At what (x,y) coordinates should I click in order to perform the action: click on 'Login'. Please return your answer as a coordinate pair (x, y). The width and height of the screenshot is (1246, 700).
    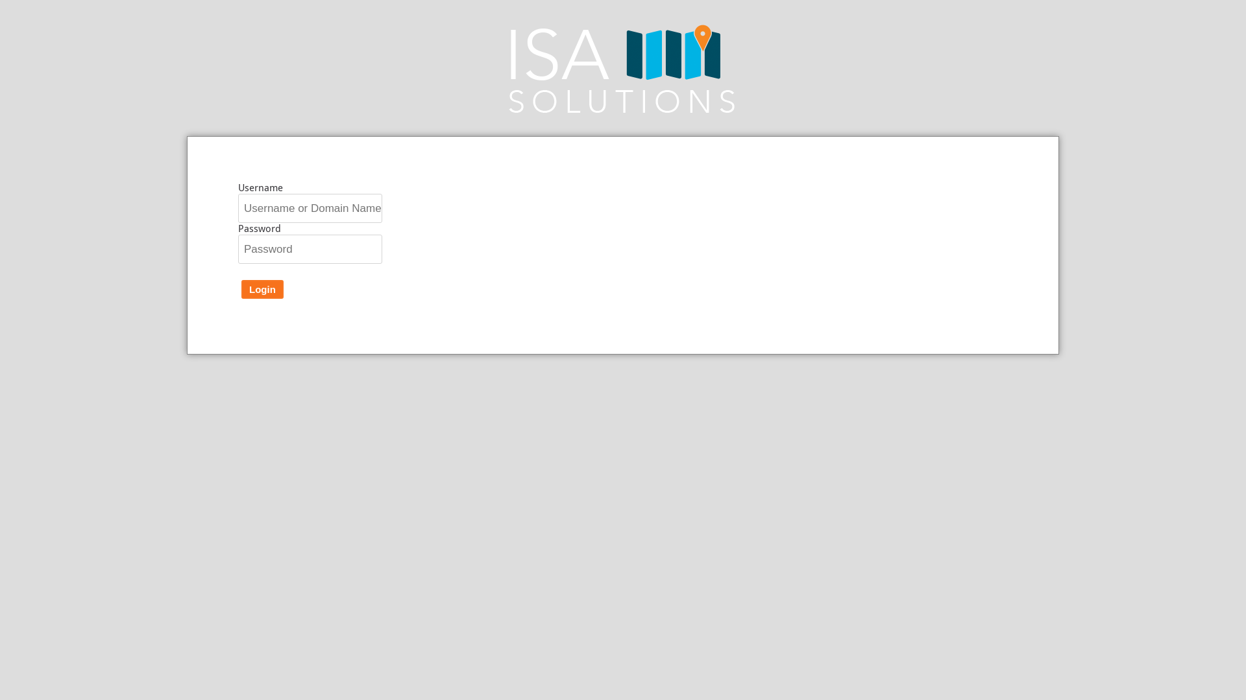
    Looking at the image, I should click on (262, 288).